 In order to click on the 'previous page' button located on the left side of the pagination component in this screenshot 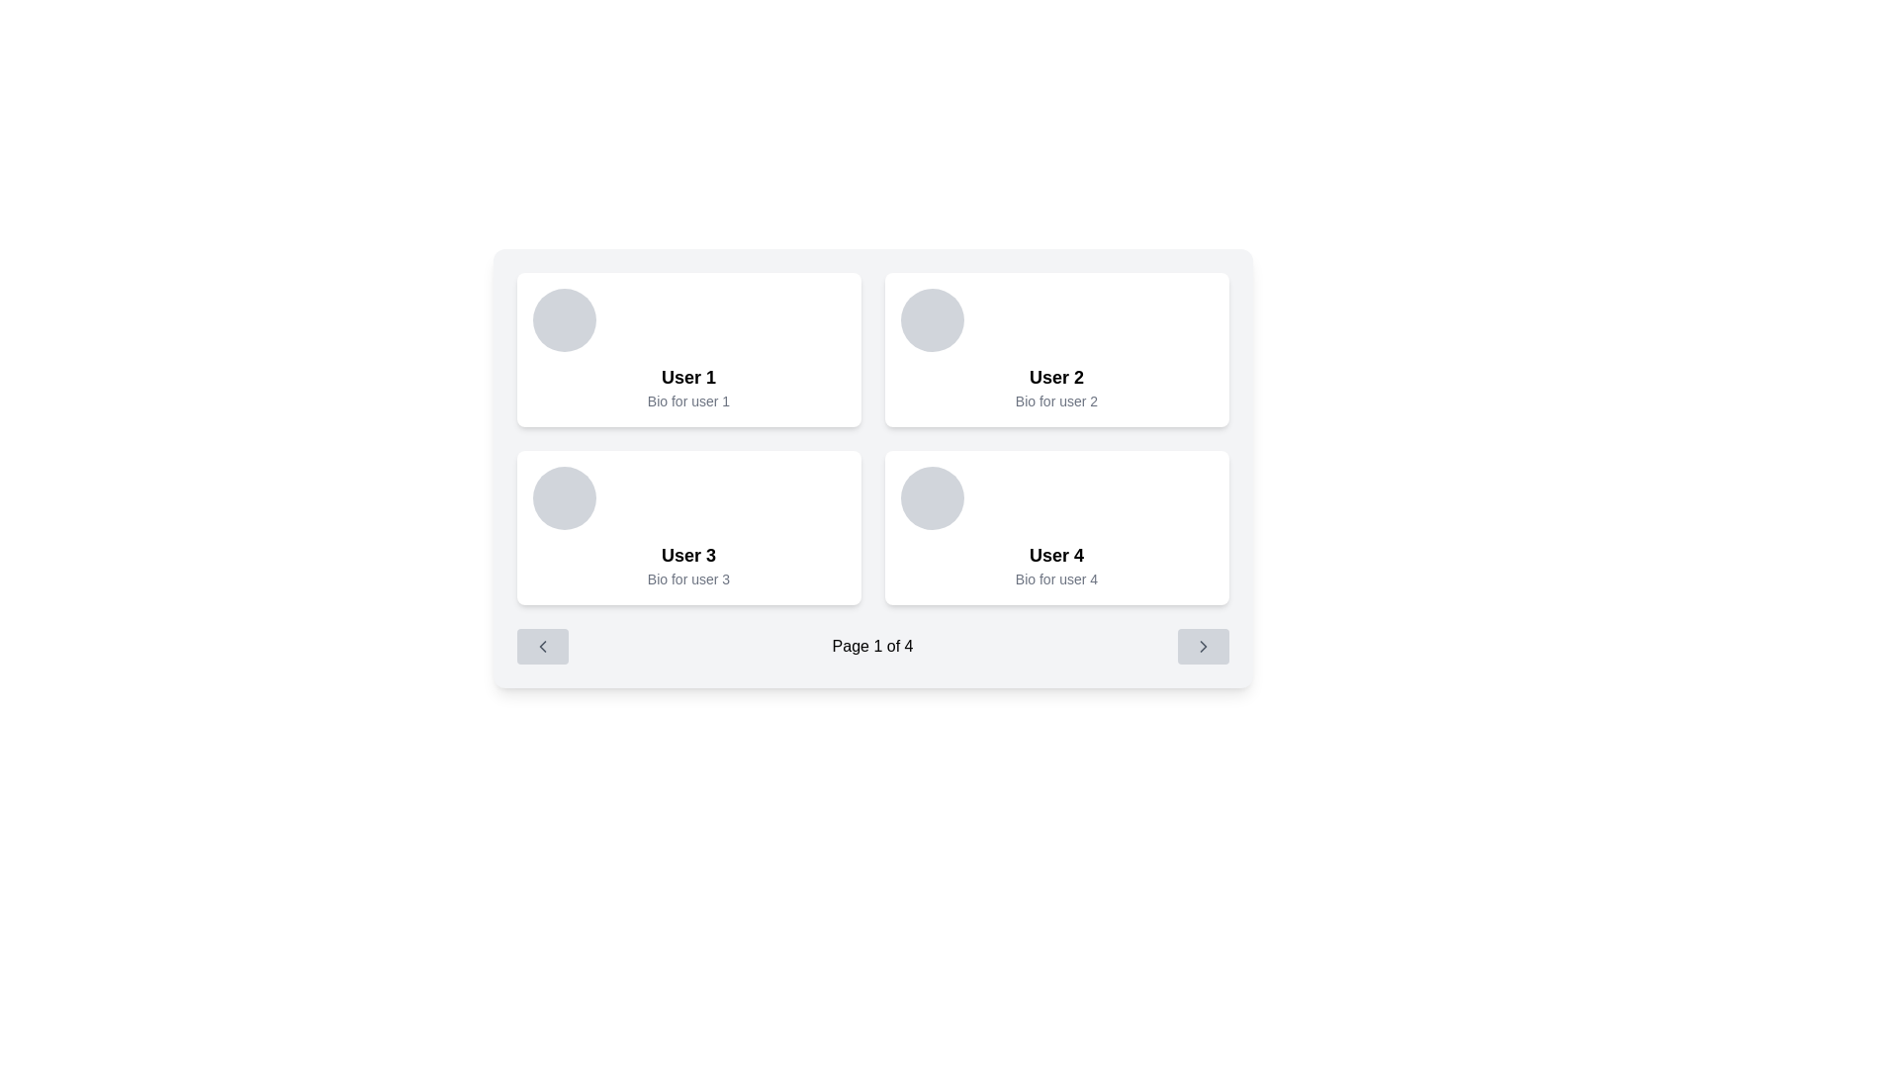, I will do `click(542, 647)`.